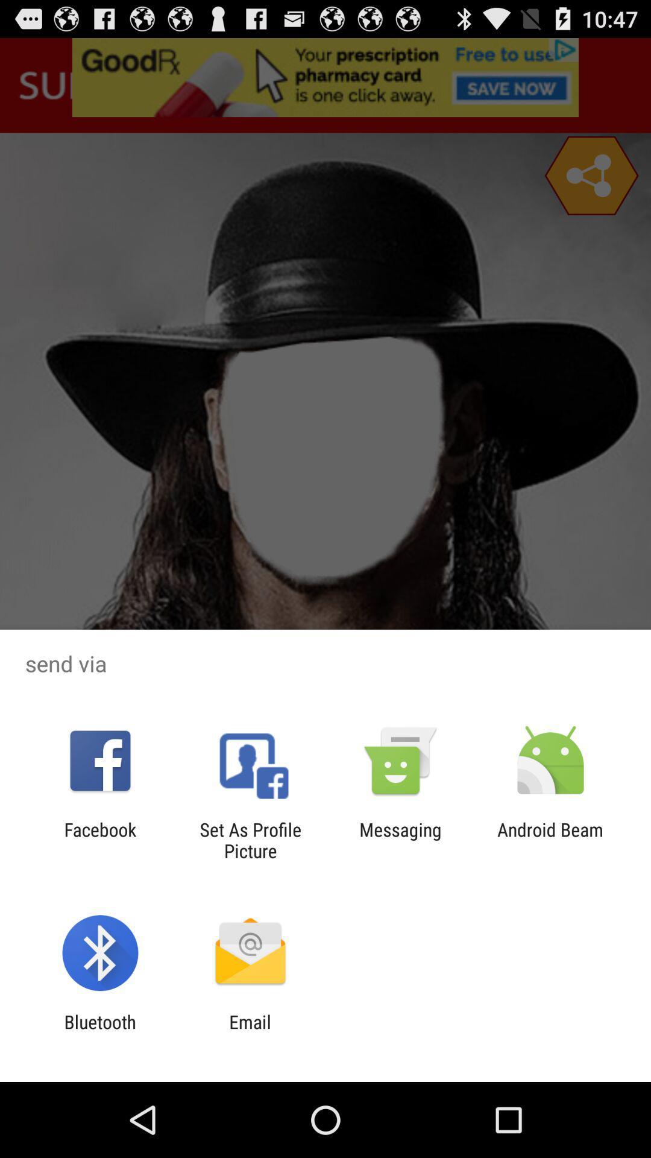 Image resolution: width=651 pixels, height=1158 pixels. I want to click on item to the right of messaging, so click(550, 840).